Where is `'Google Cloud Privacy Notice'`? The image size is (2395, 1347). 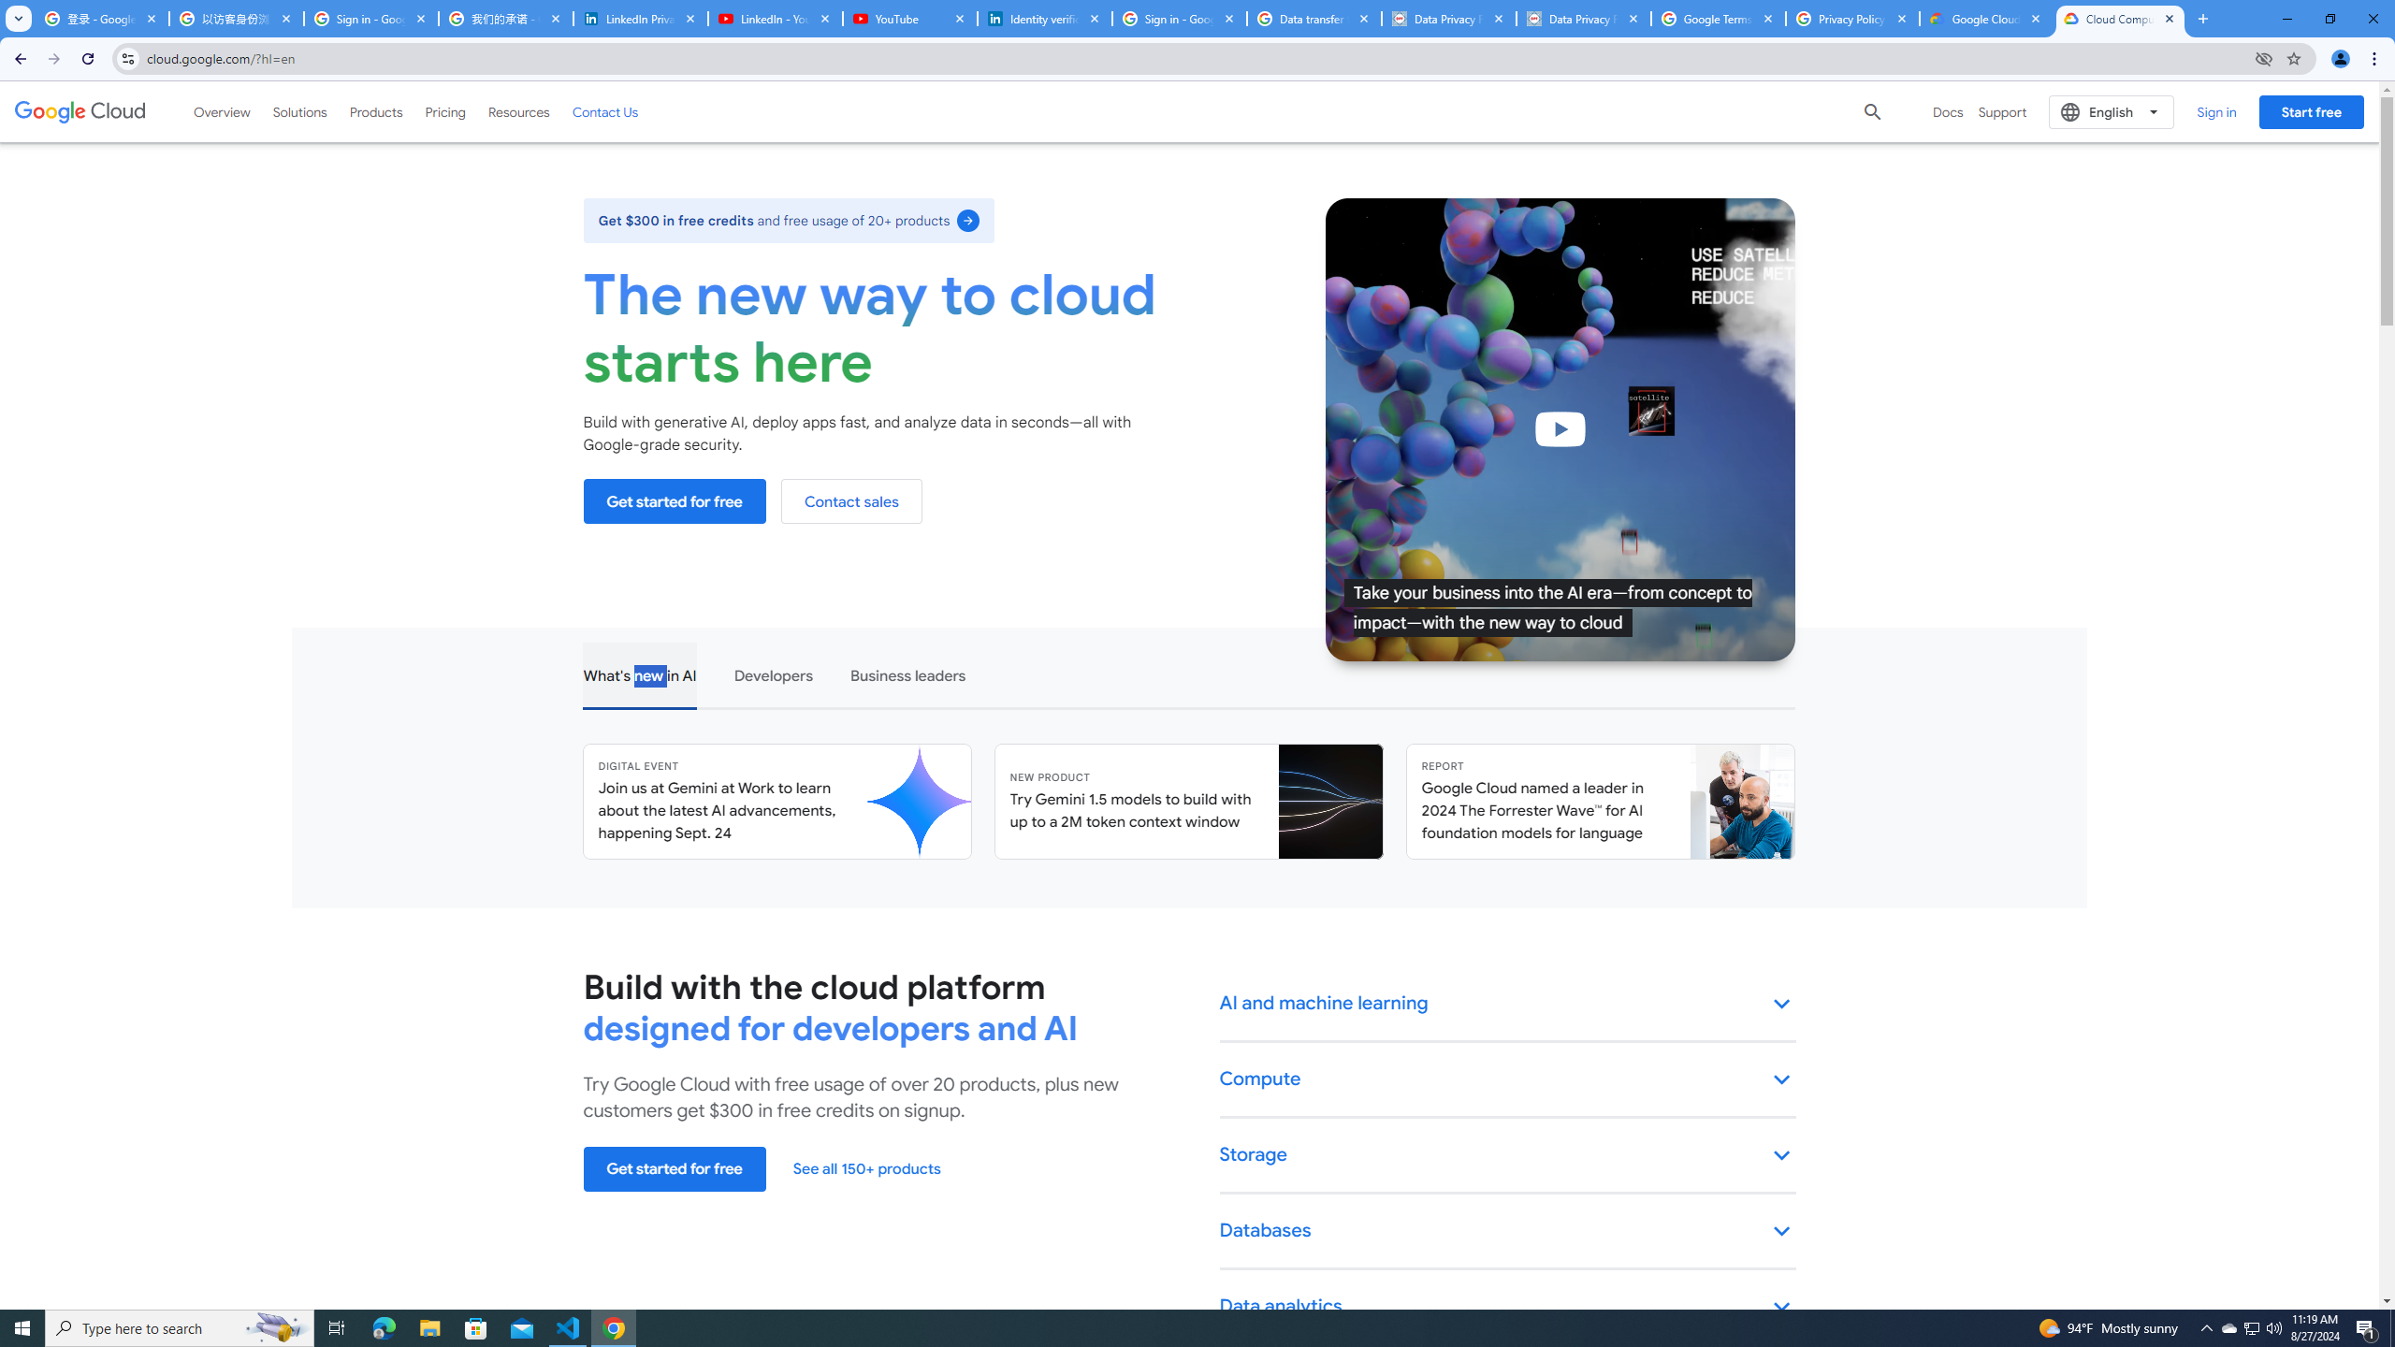
'Google Cloud Privacy Notice' is located at coordinates (1986, 18).